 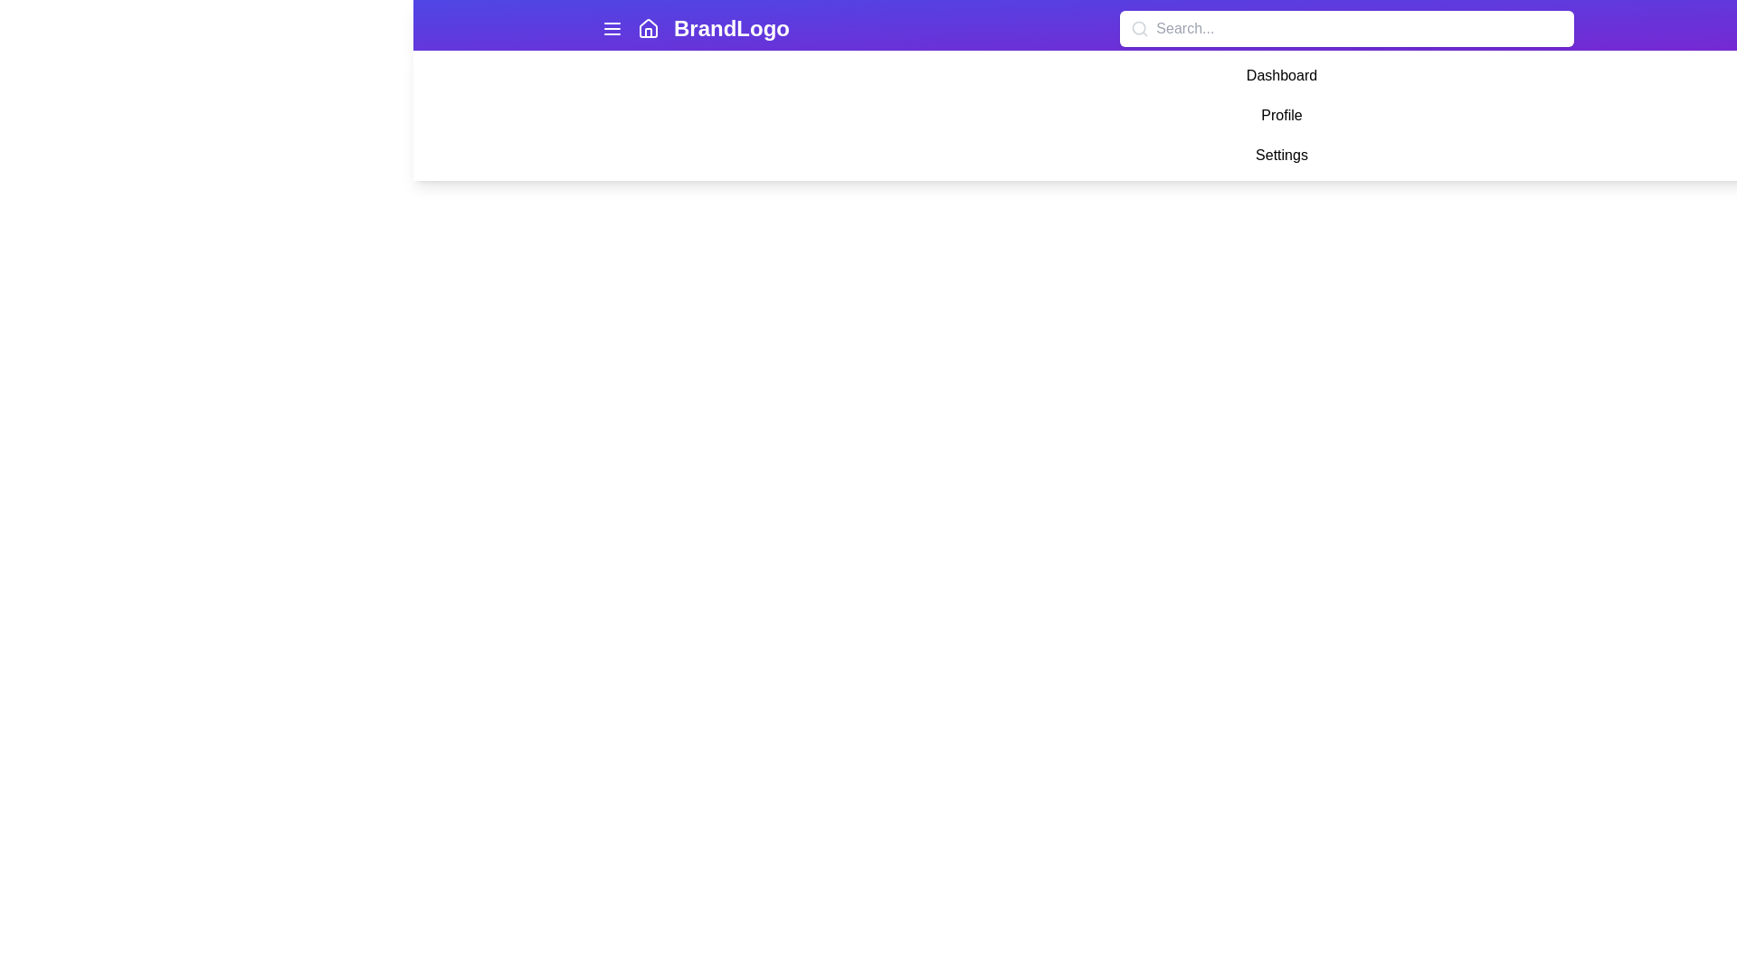 What do you see at coordinates (1138, 28) in the screenshot?
I see `the SVG Circle that represents the lens of the search icon located in the top-right corner of the navigation bar` at bounding box center [1138, 28].